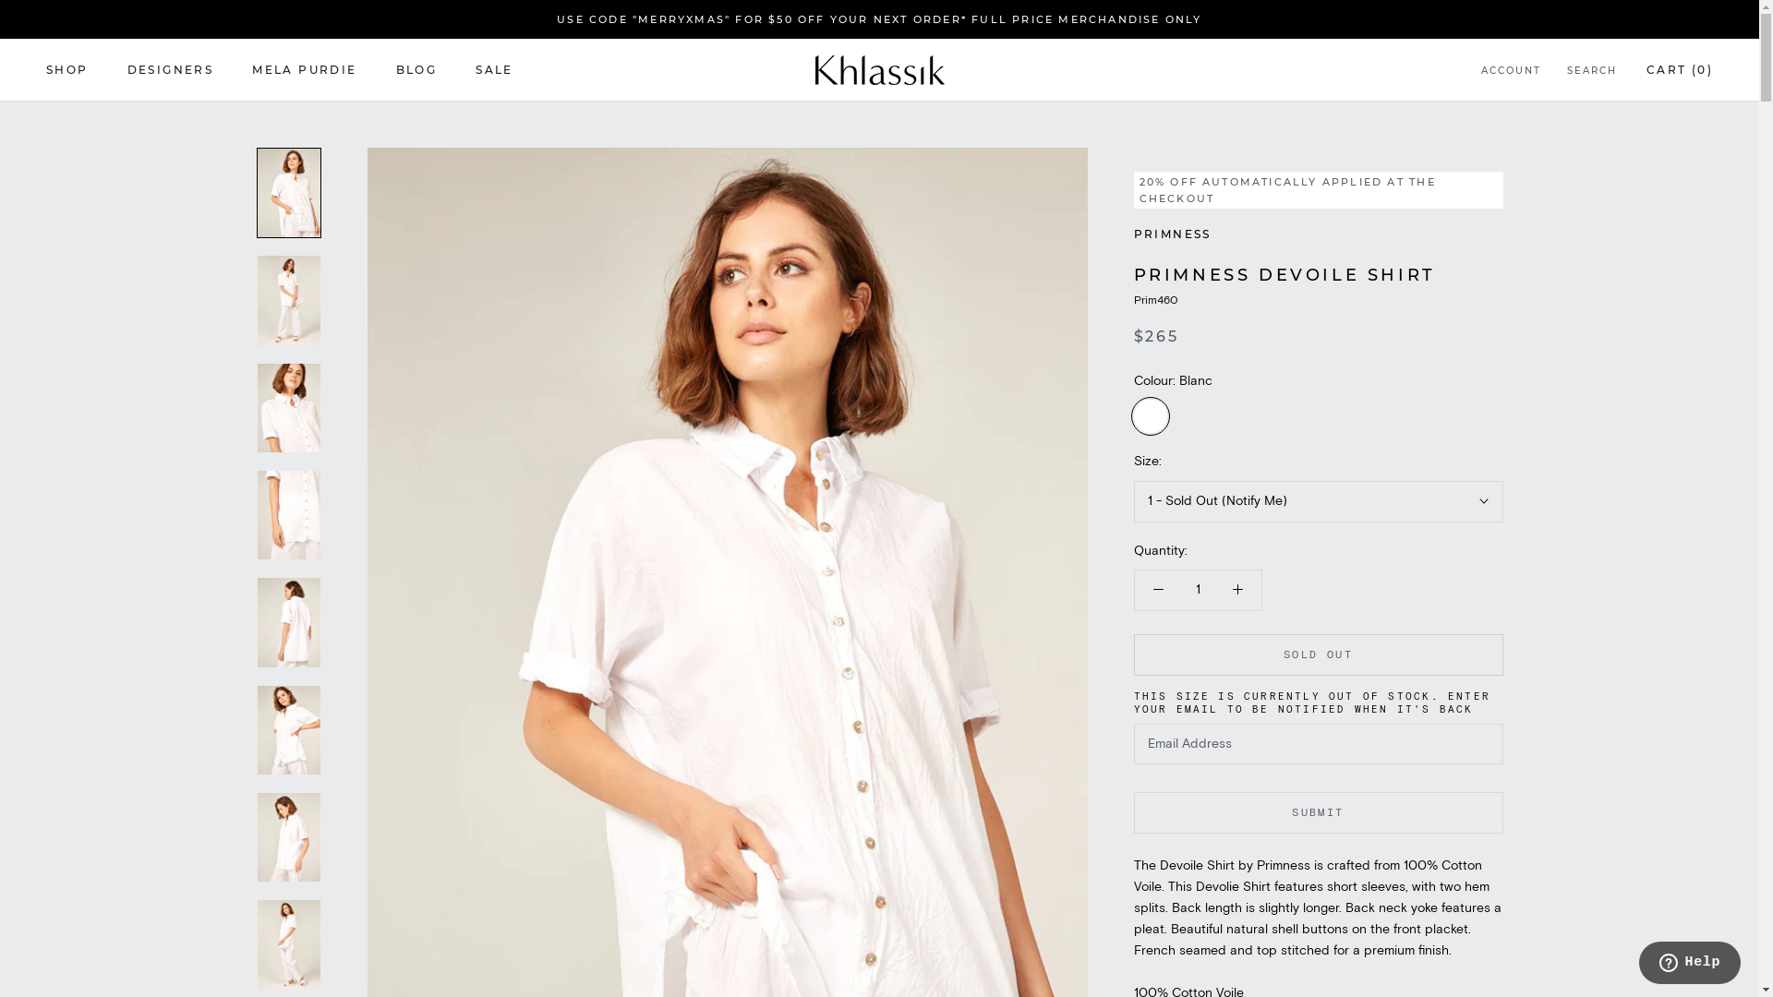 This screenshot has width=1773, height=997. What do you see at coordinates (1689, 964) in the screenshot?
I see `'Opens a widget where you can chat to one of our agents'` at bounding box center [1689, 964].